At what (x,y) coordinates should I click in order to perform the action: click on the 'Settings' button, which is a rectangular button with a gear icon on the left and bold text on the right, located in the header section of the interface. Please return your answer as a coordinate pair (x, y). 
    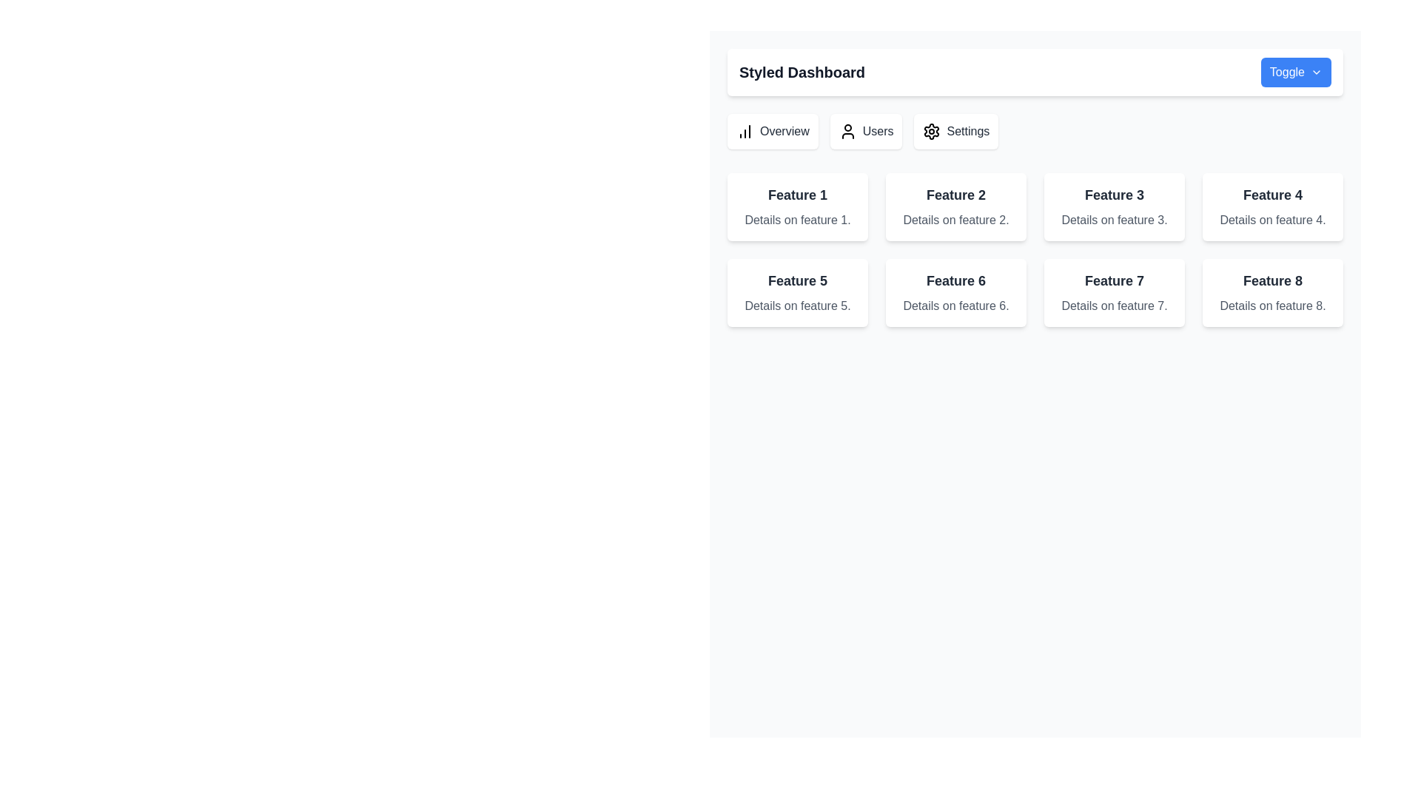
    Looking at the image, I should click on (956, 130).